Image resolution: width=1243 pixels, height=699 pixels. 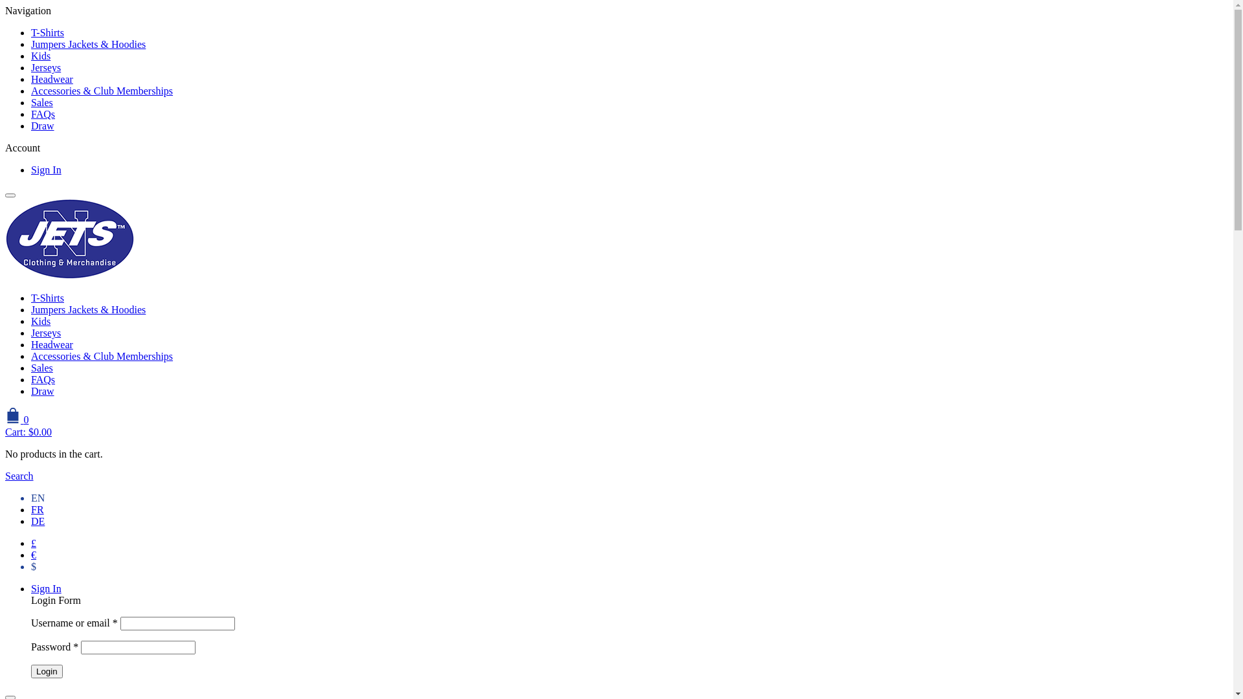 I want to click on 'Jumpers Jackets & Hoodies', so click(x=87, y=309).